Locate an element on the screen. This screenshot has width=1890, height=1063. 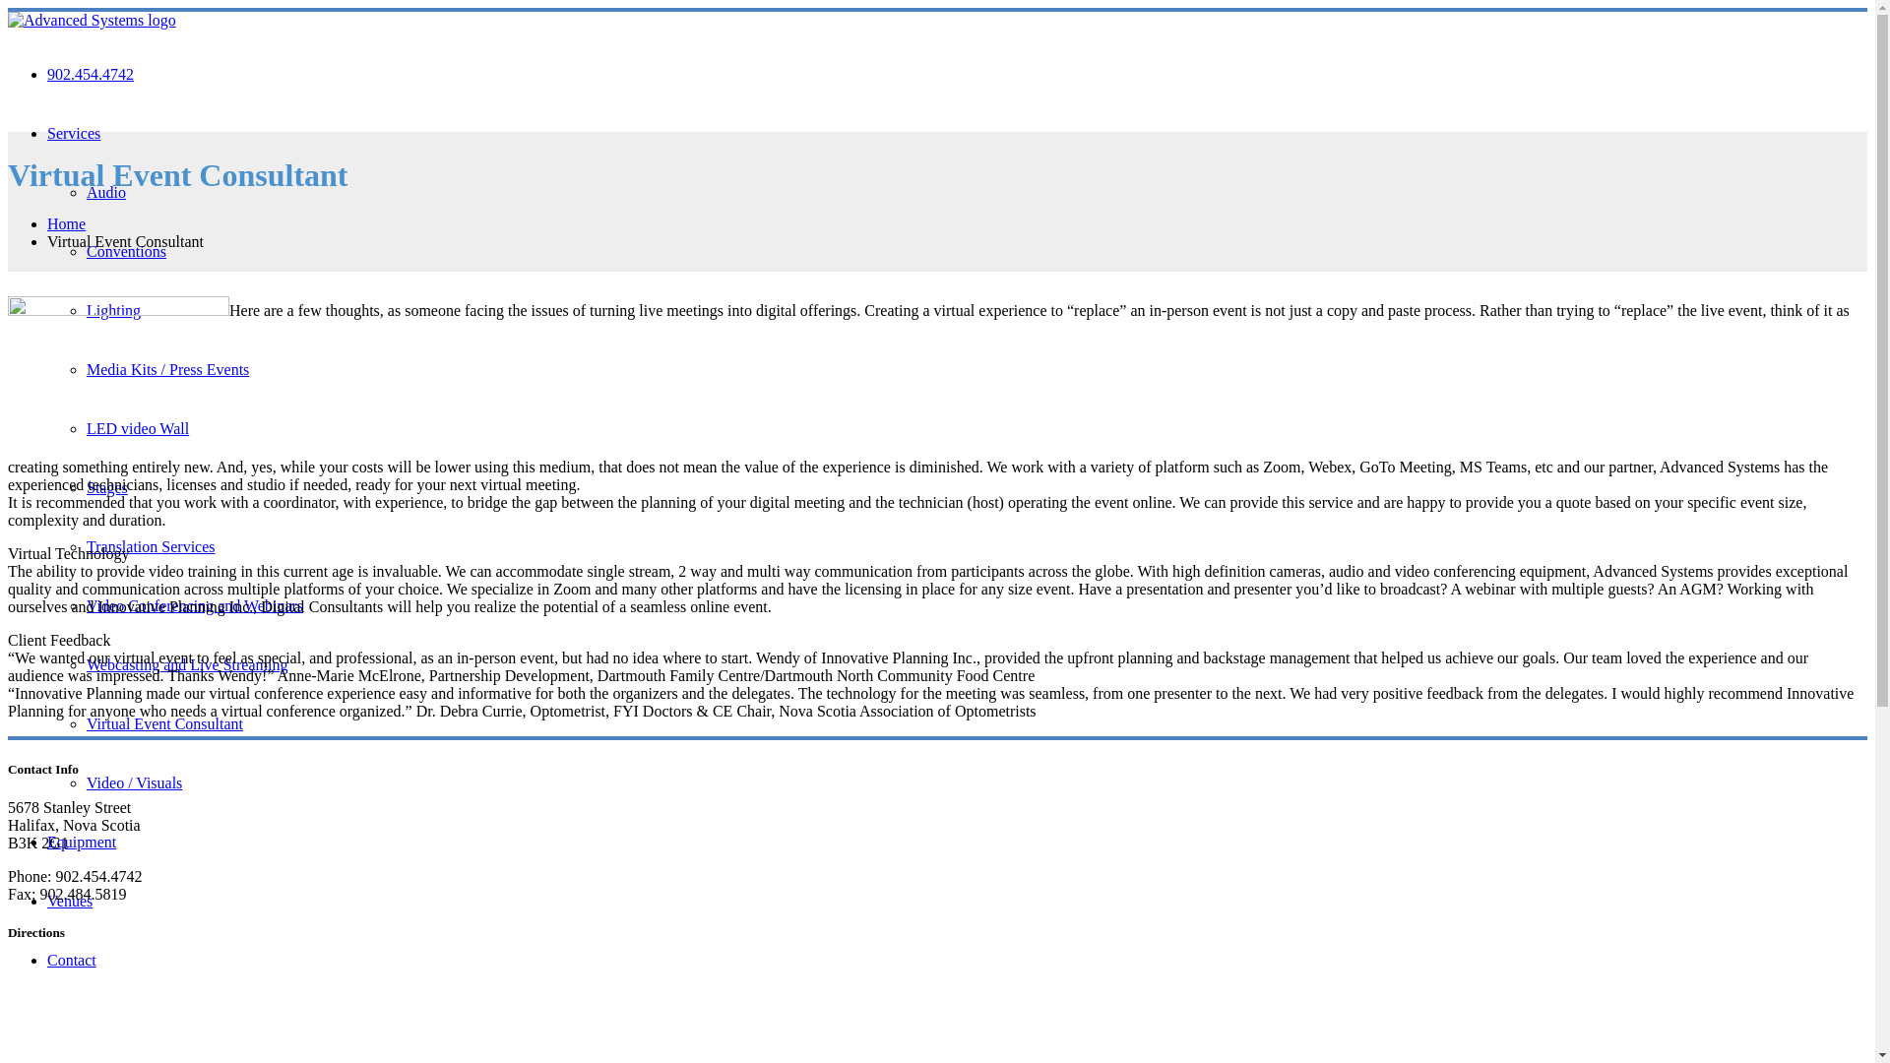
'Services' is located at coordinates (47, 133).